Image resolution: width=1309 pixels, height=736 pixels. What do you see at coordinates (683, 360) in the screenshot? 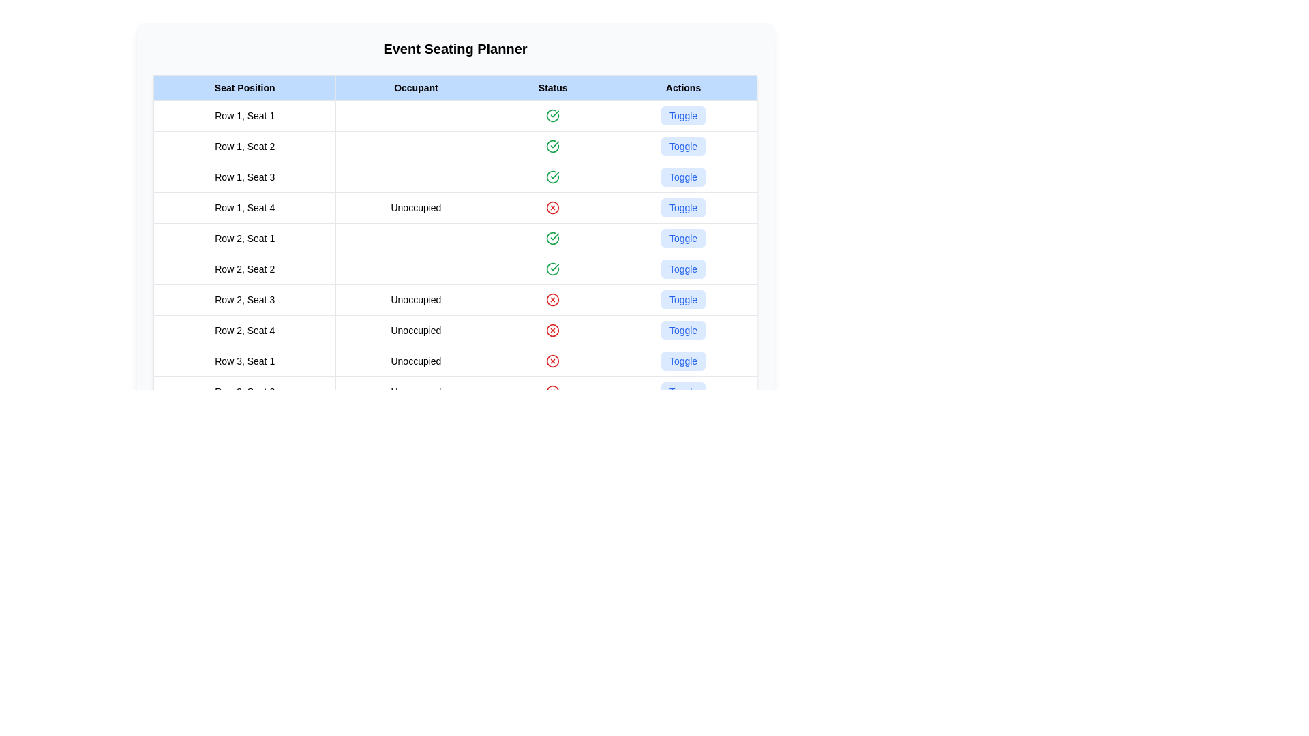
I see `the 'Toggle' button in Row 3, Seat 1 of the 'Actions' column in the 'Event Seating Planner' table` at bounding box center [683, 360].